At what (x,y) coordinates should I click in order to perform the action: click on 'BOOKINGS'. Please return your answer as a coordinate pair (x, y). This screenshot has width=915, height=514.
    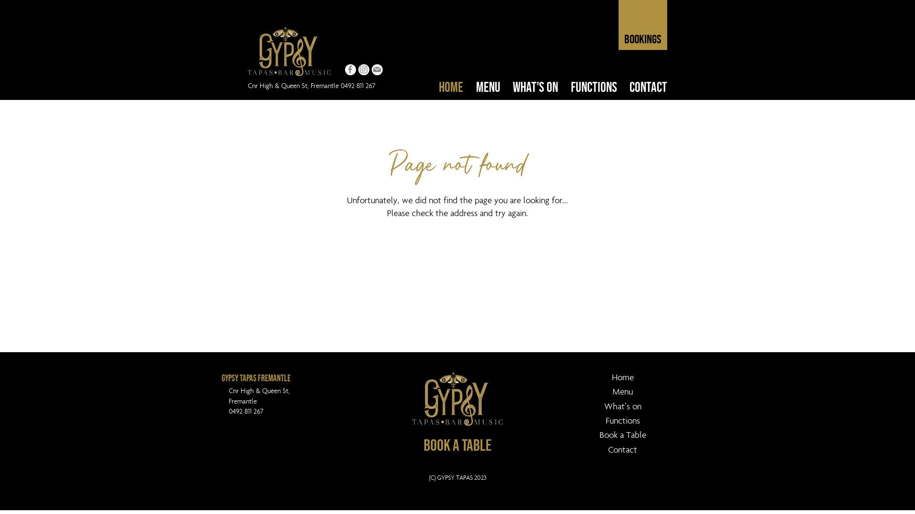
    Looking at the image, I should click on (618, 24).